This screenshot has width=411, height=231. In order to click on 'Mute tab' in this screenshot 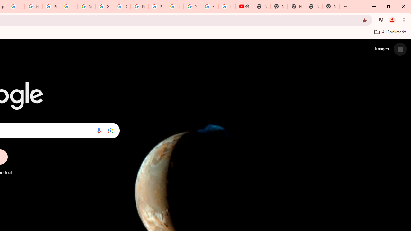, I will do `click(247, 6)`.